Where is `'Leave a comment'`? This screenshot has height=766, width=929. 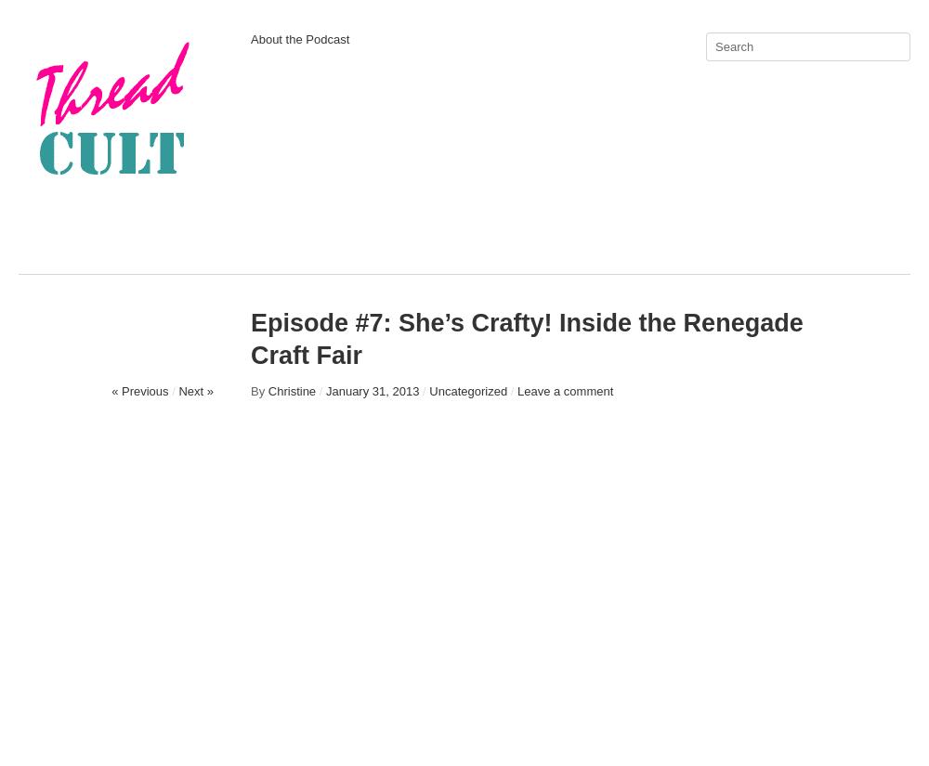
'Leave a comment' is located at coordinates (564, 391).